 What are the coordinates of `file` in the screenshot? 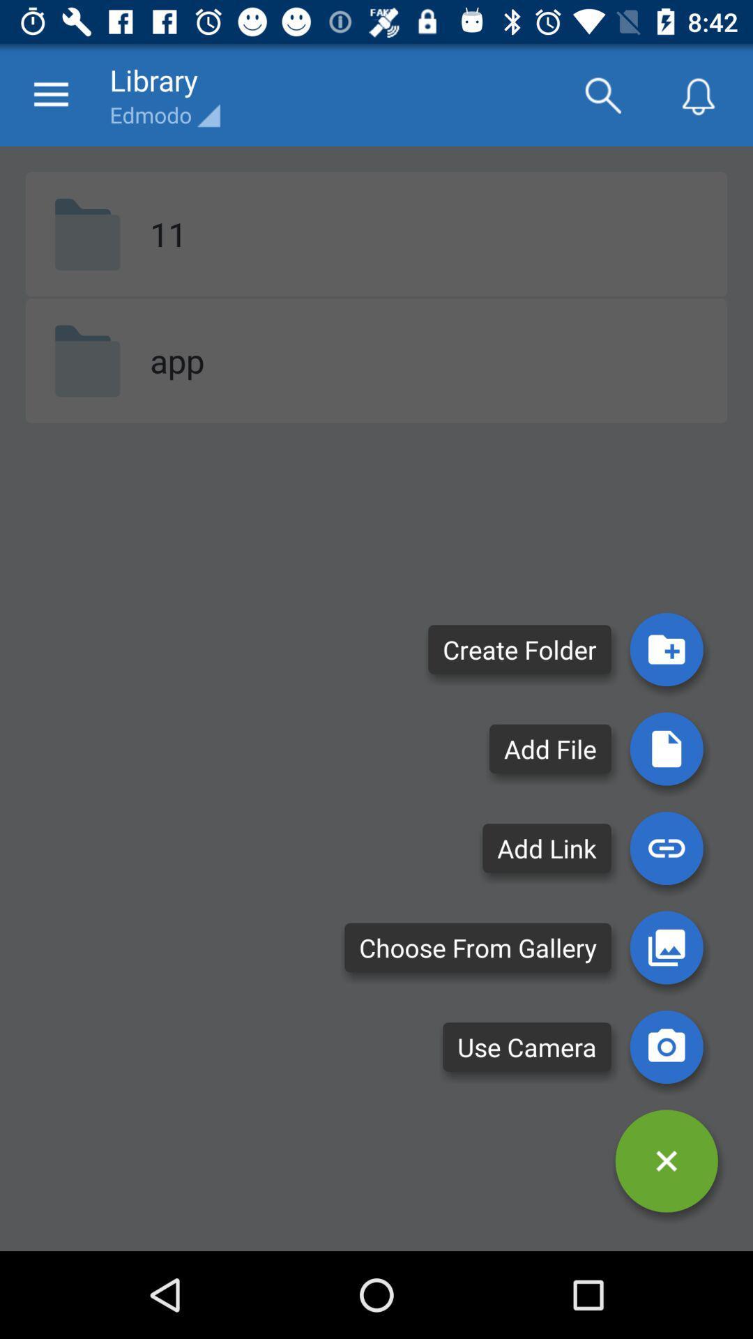 It's located at (666, 748).